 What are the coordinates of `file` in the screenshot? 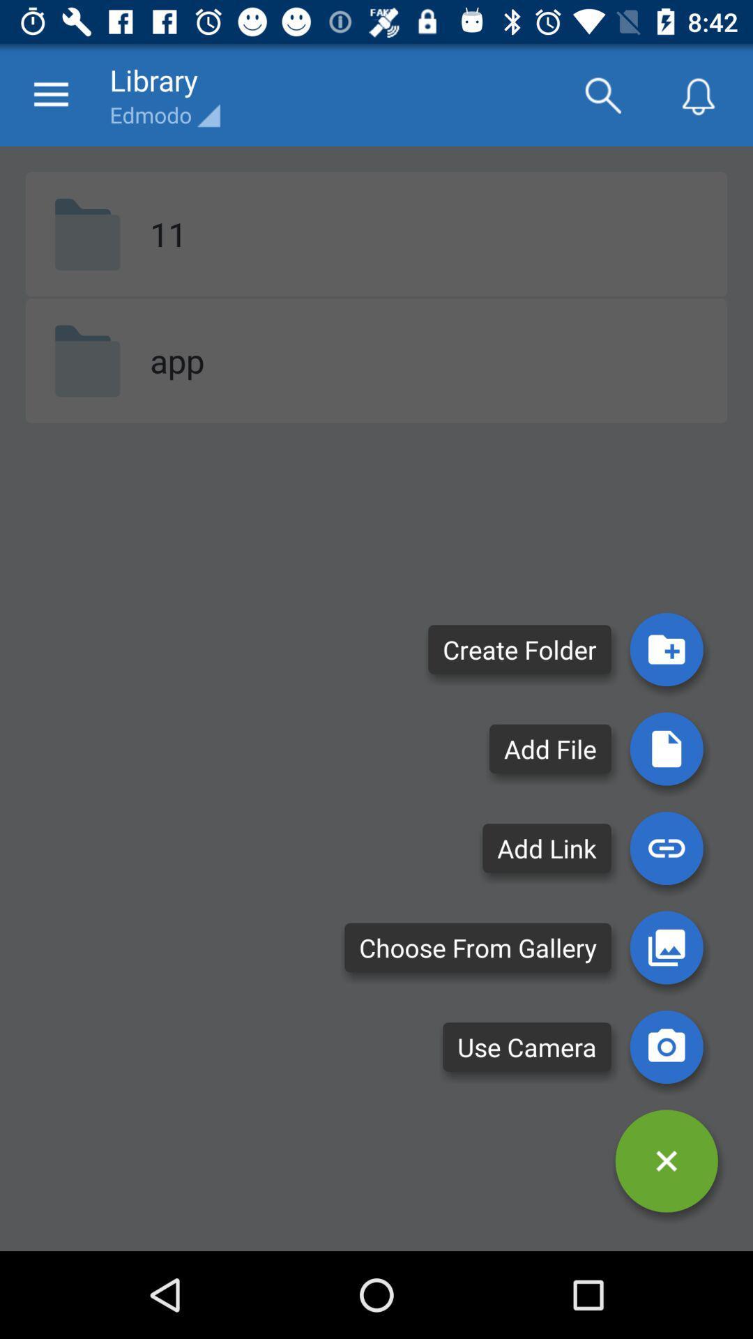 It's located at (666, 748).